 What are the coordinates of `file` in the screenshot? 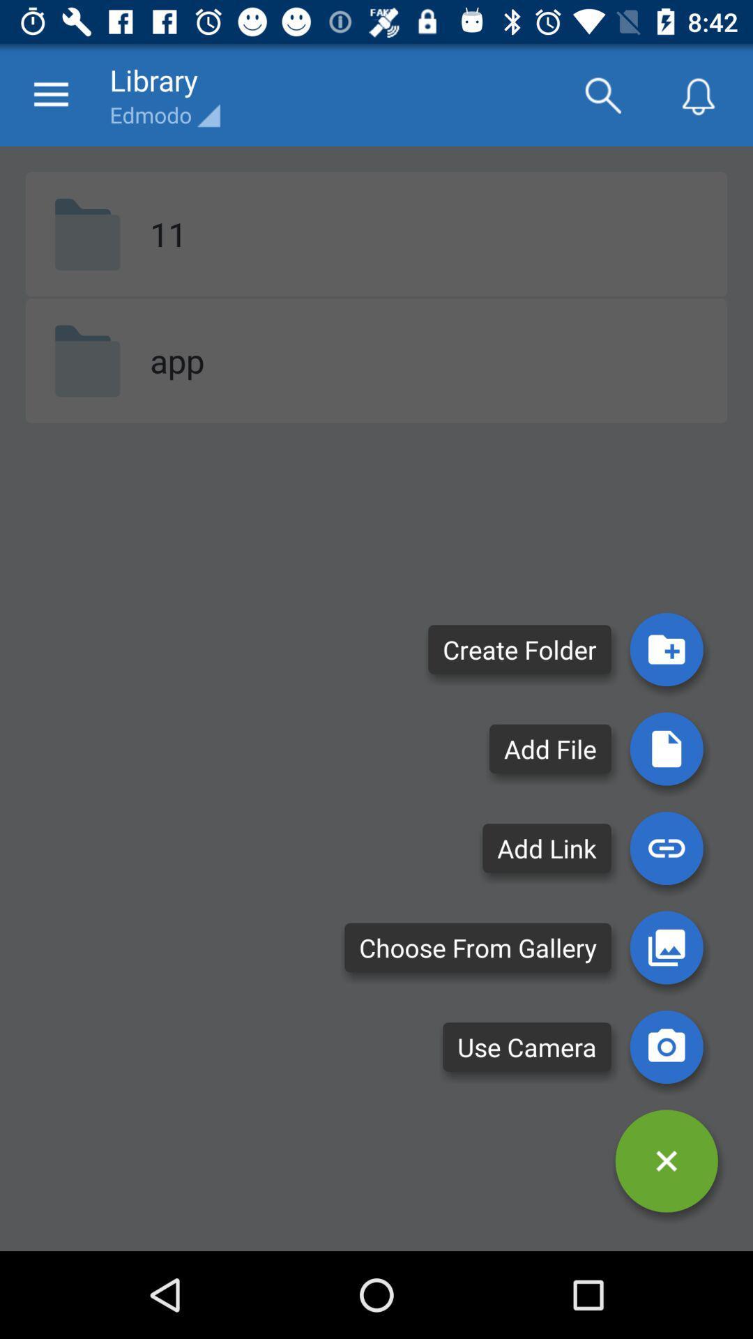 It's located at (666, 748).